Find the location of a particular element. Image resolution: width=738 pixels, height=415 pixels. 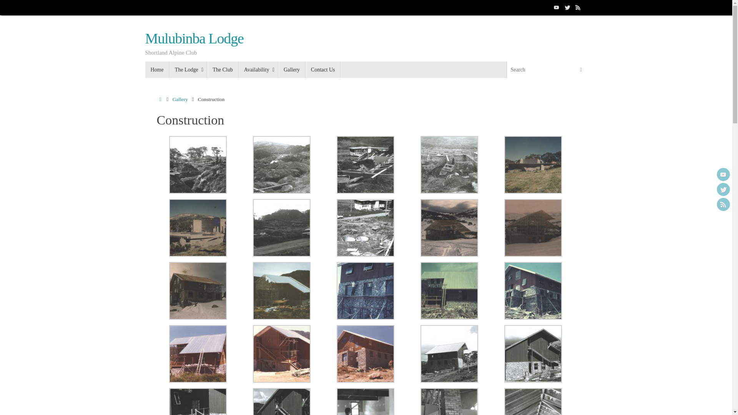

'Twitter' is located at coordinates (723, 189).